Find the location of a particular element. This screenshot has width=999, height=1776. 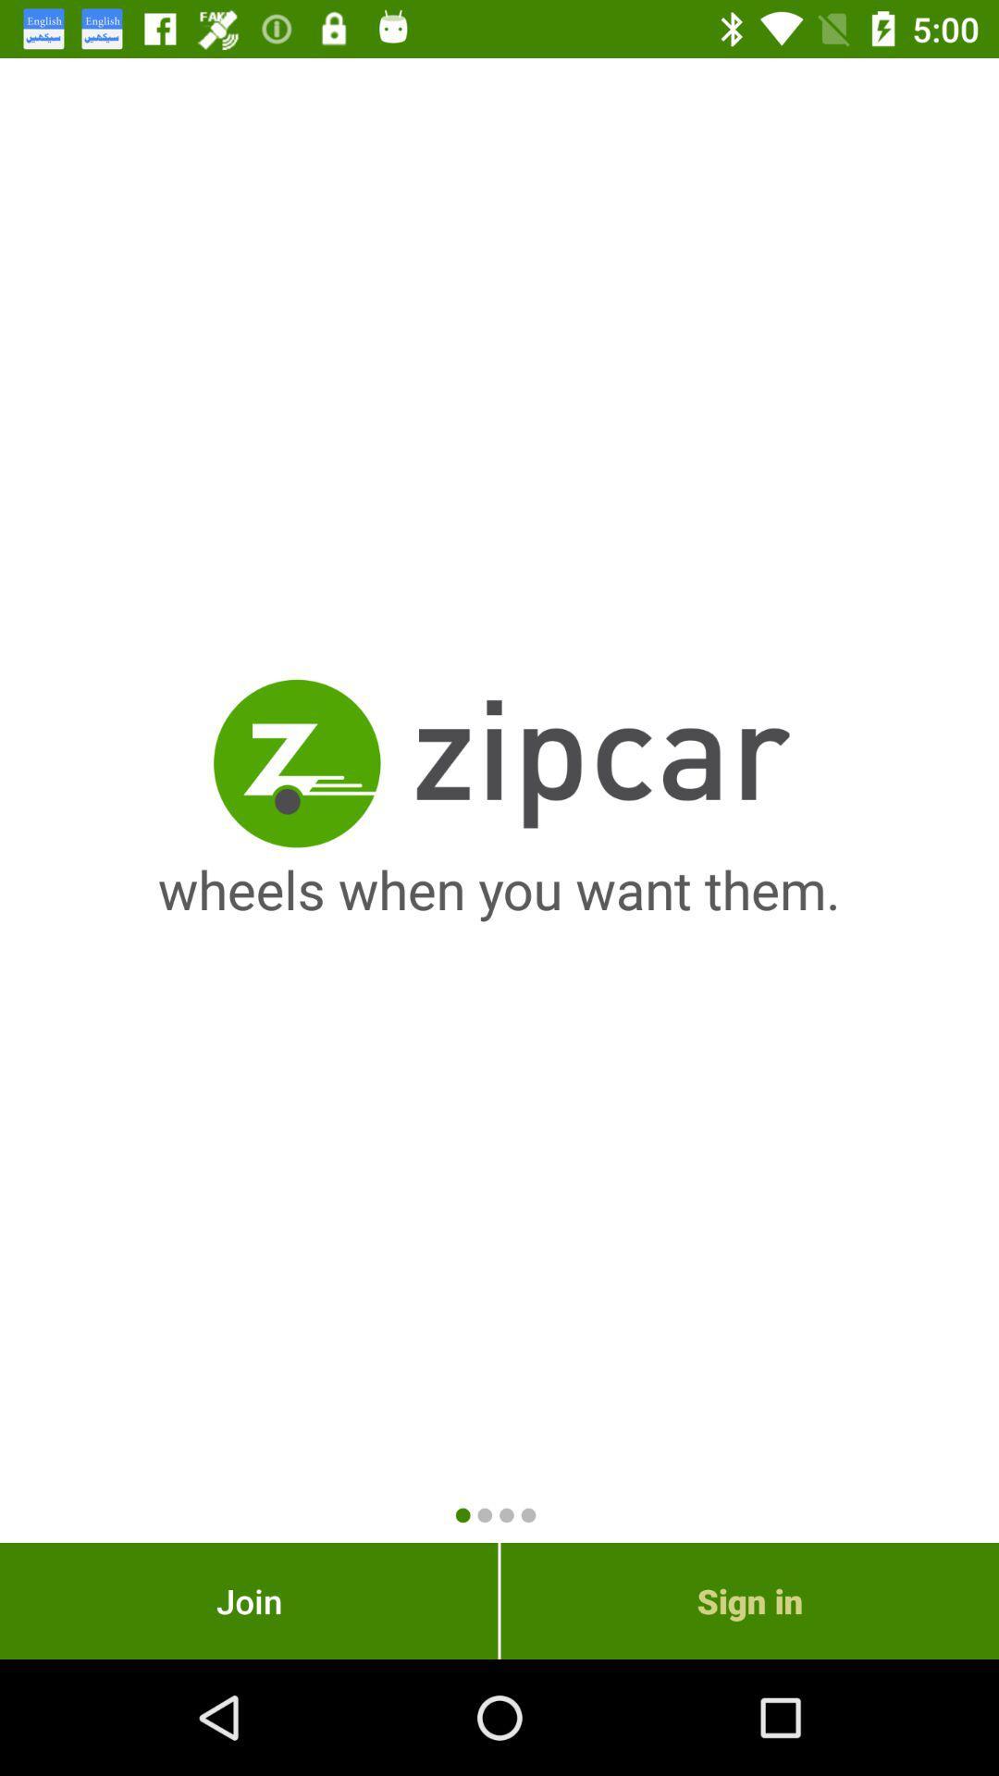

the join item is located at coordinates (248, 1600).